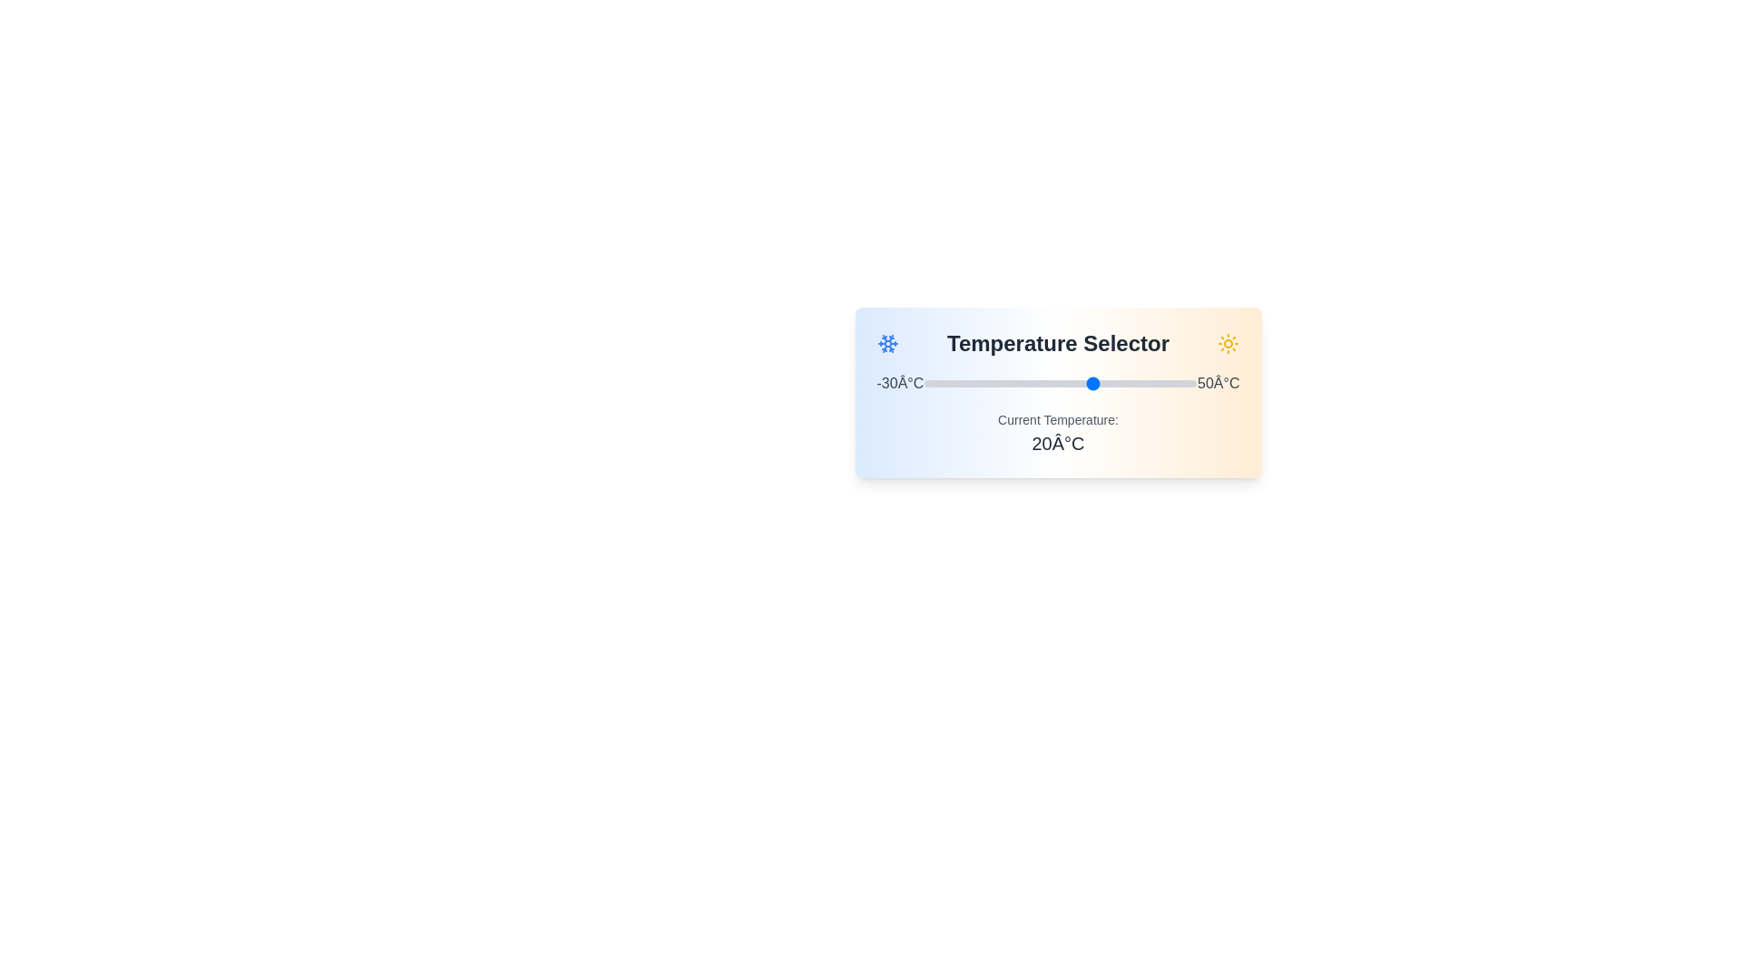 The image size is (1742, 980). I want to click on the temperature, so click(1189, 383).